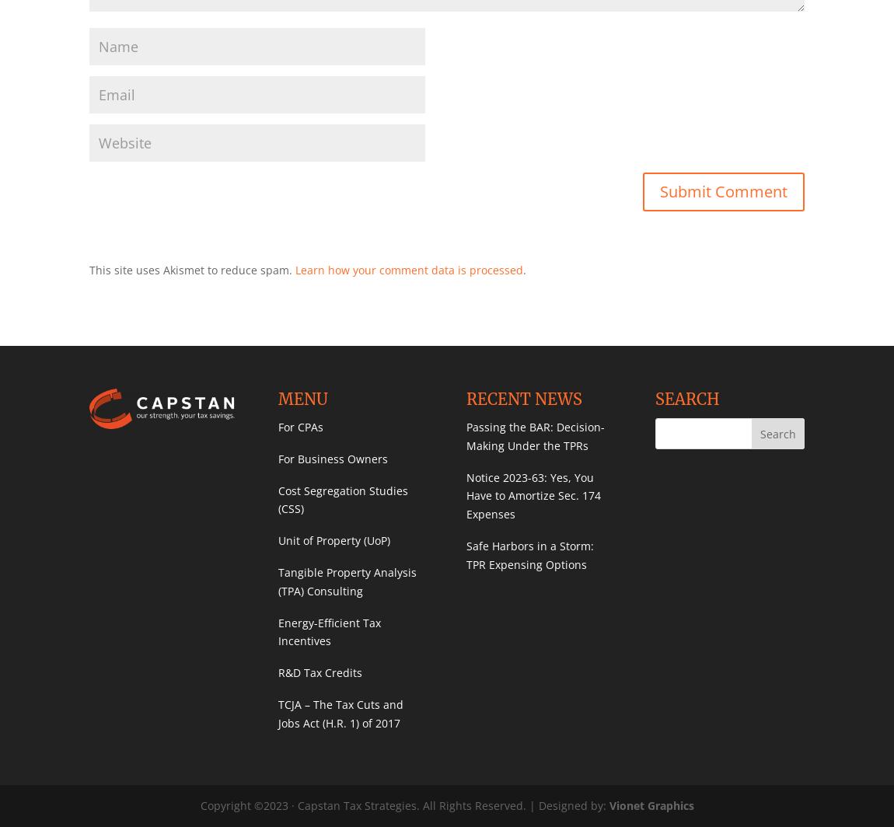 The height and width of the screenshot is (827, 894). Describe the element at coordinates (524, 269) in the screenshot. I see `'.'` at that location.